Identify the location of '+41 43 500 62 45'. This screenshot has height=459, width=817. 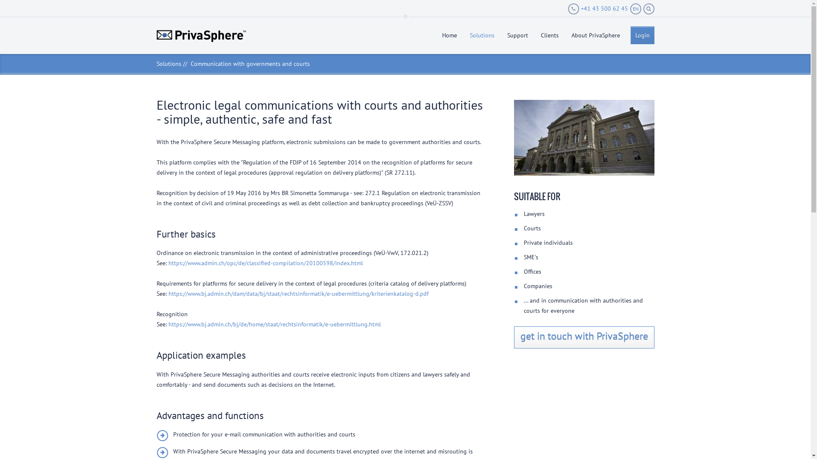
(597, 8).